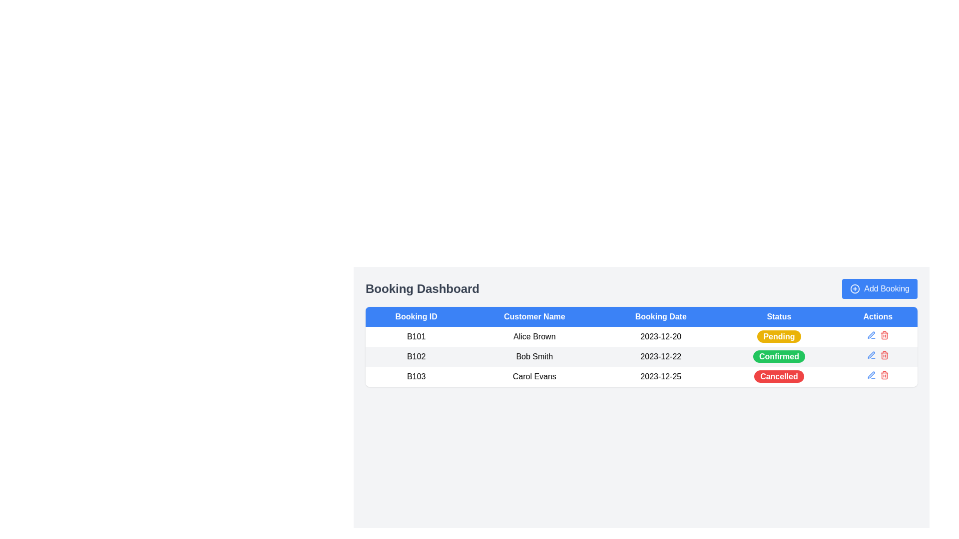 The image size is (959, 539). What do you see at coordinates (416, 377) in the screenshot?
I see `the static text element representing the Booking ID in the third row of the dashboard table, located next to the customer name 'Carol Evans'` at bounding box center [416, 377].